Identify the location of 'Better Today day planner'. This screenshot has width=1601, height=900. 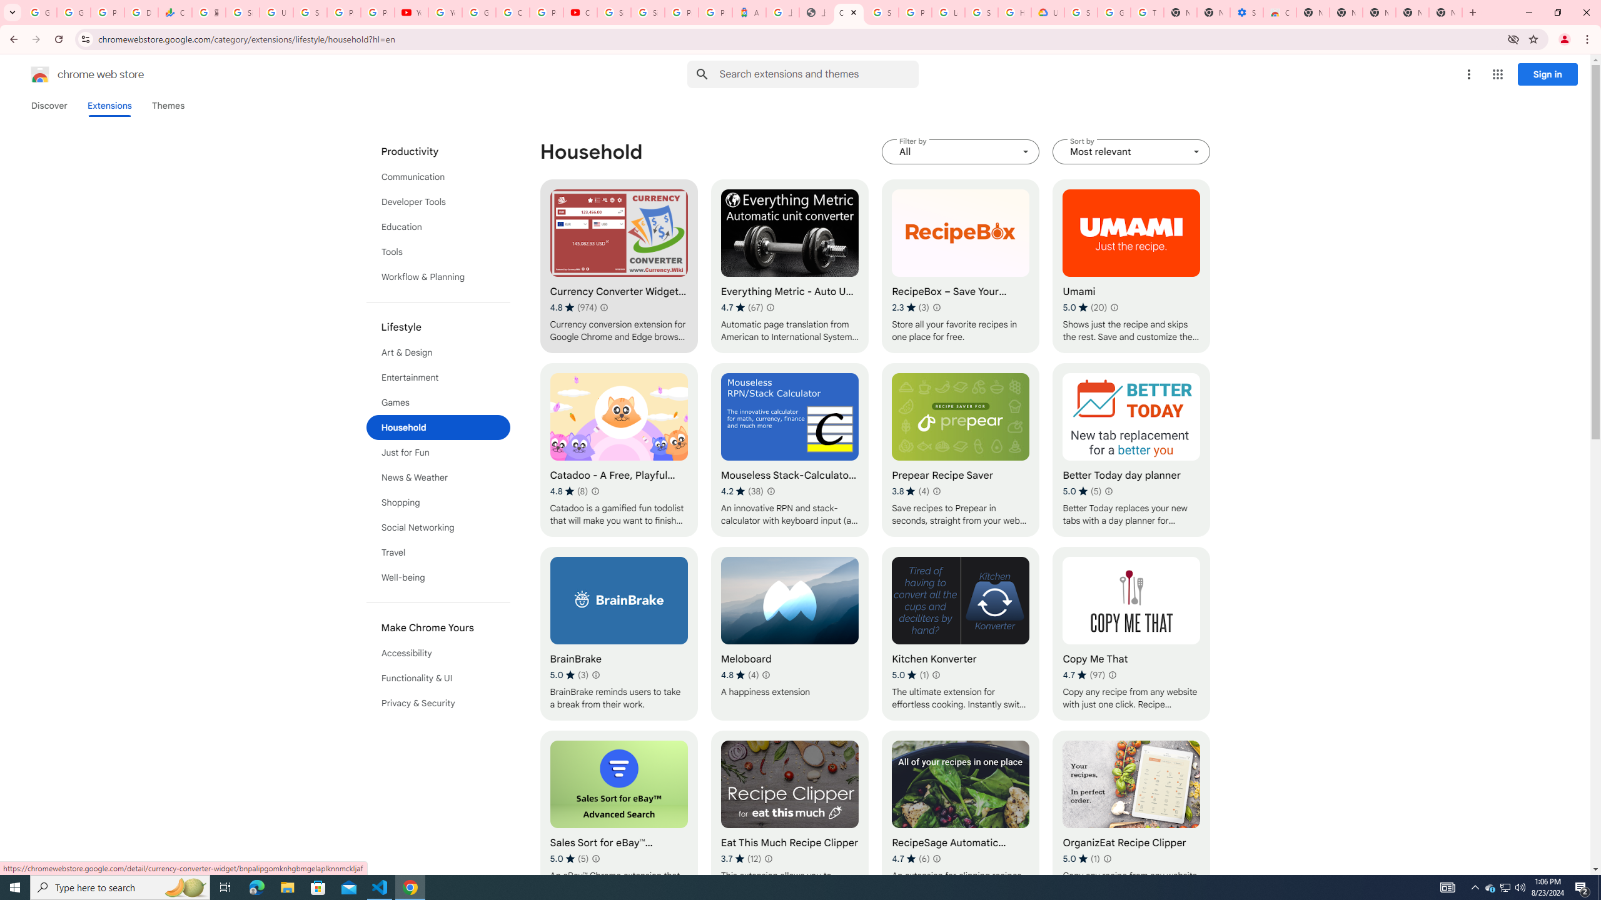
(1130, 450).